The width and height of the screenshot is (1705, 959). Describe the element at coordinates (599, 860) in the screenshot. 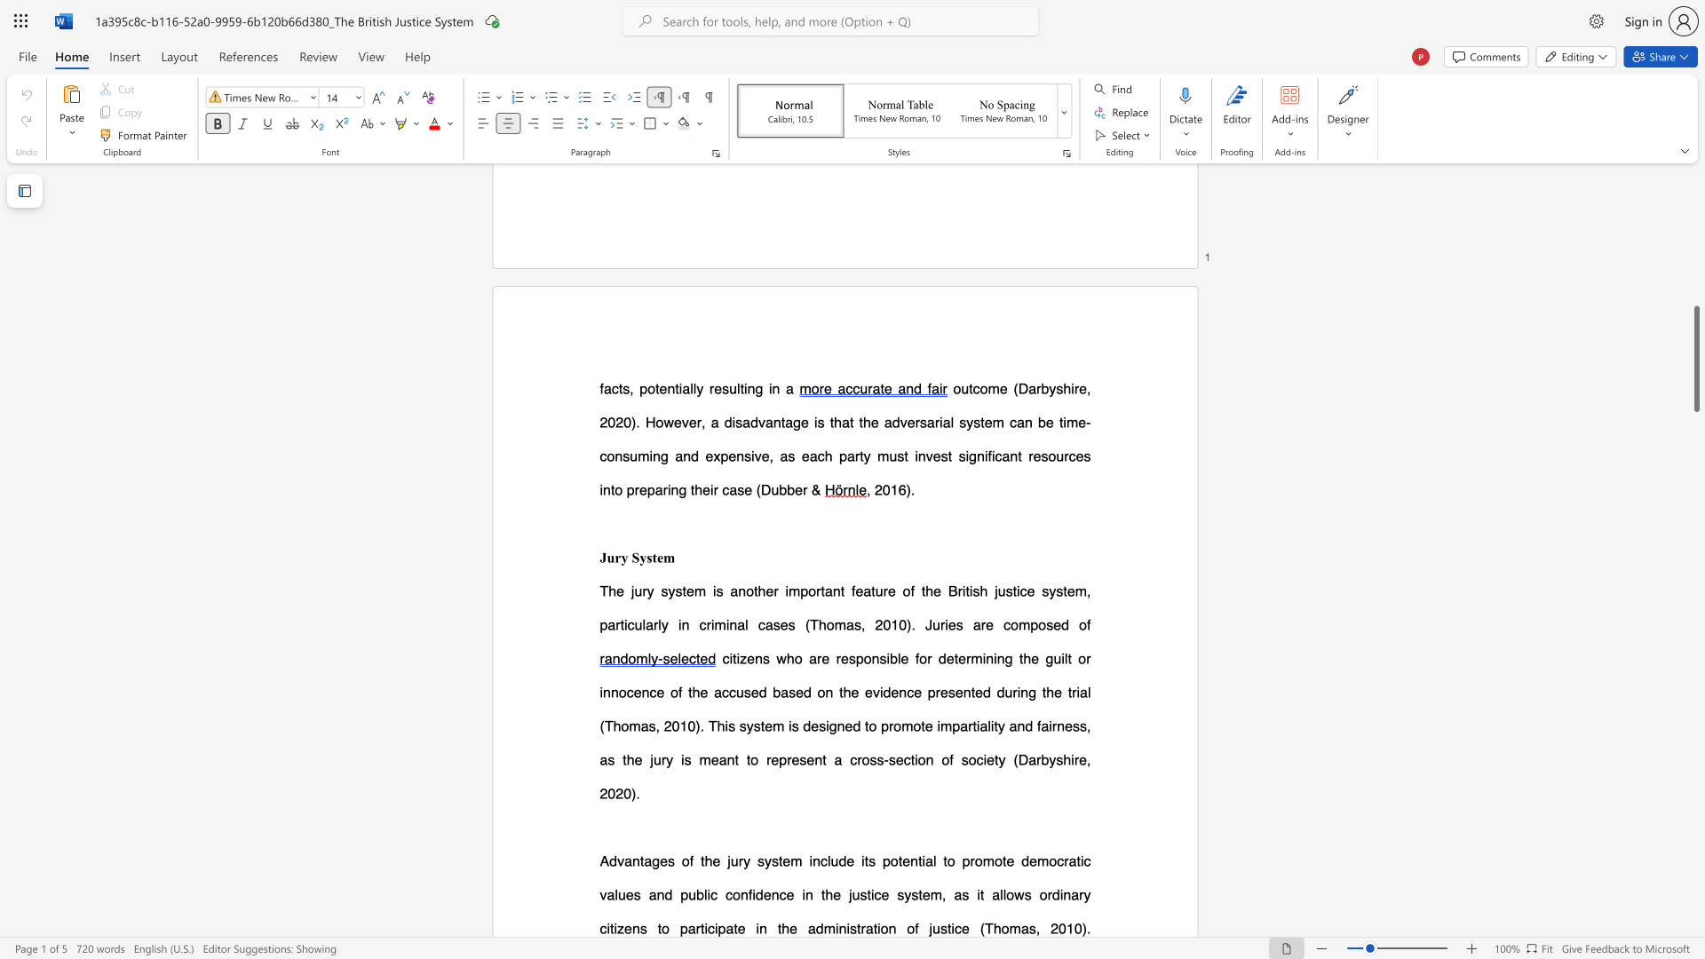

I see `the subset text "Advantages of the jury system include its potential to promote democratic values and public confidence in the justice sys" within the text "Advantages of the jury system include its potential to promote democratic values and public confidence in the justice system, as it allows ordinary citizens to"` at that location.